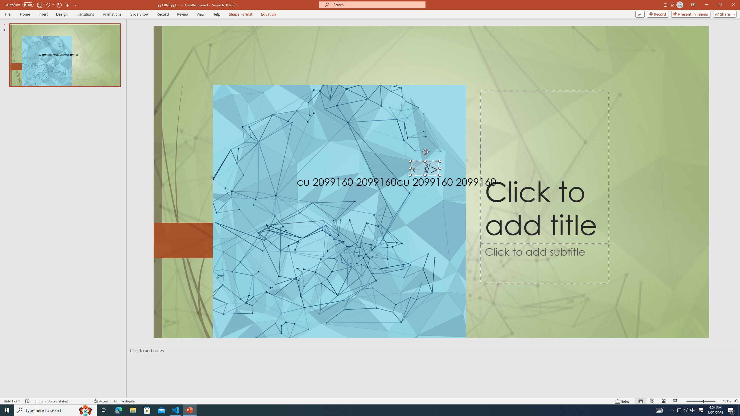  Describe the element at coordinates (727, 401) in the screenshot. I see `'Zoom 151%'` at that location.